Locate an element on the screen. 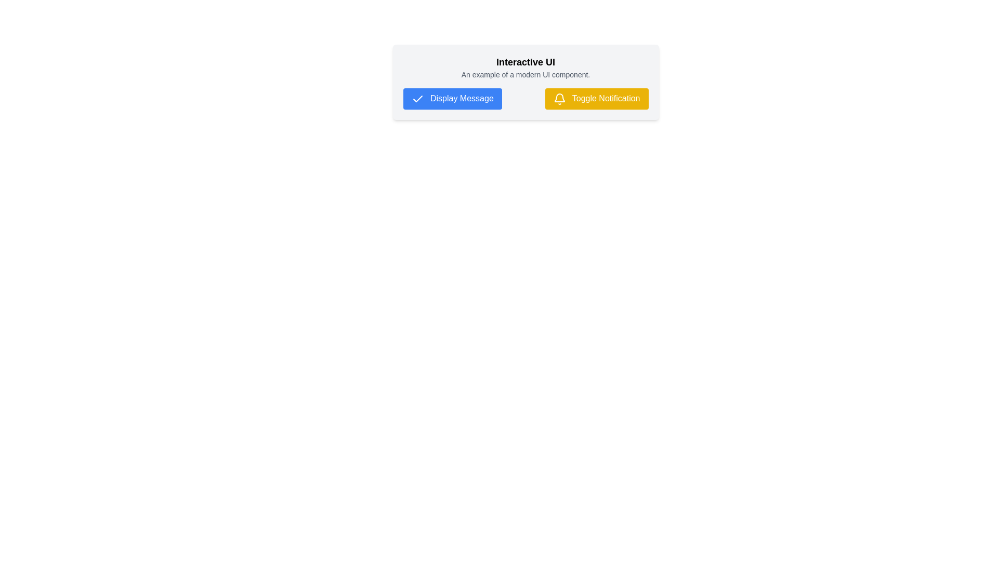 The height and width of the screenshot is (561, 998). the blue button labeled 'Display Message' which contains a white checkmark icon is located at coordinates (452, 99).